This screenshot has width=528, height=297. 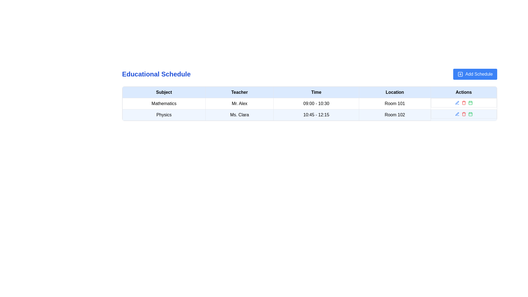 What do you see at coordinates (164, 92) in the screenshot?
I see `text of the 'Subject' header cell, which is the first column in the header row of the table located under the 'Educational Schedule' section` at bounding box center [164, 92].